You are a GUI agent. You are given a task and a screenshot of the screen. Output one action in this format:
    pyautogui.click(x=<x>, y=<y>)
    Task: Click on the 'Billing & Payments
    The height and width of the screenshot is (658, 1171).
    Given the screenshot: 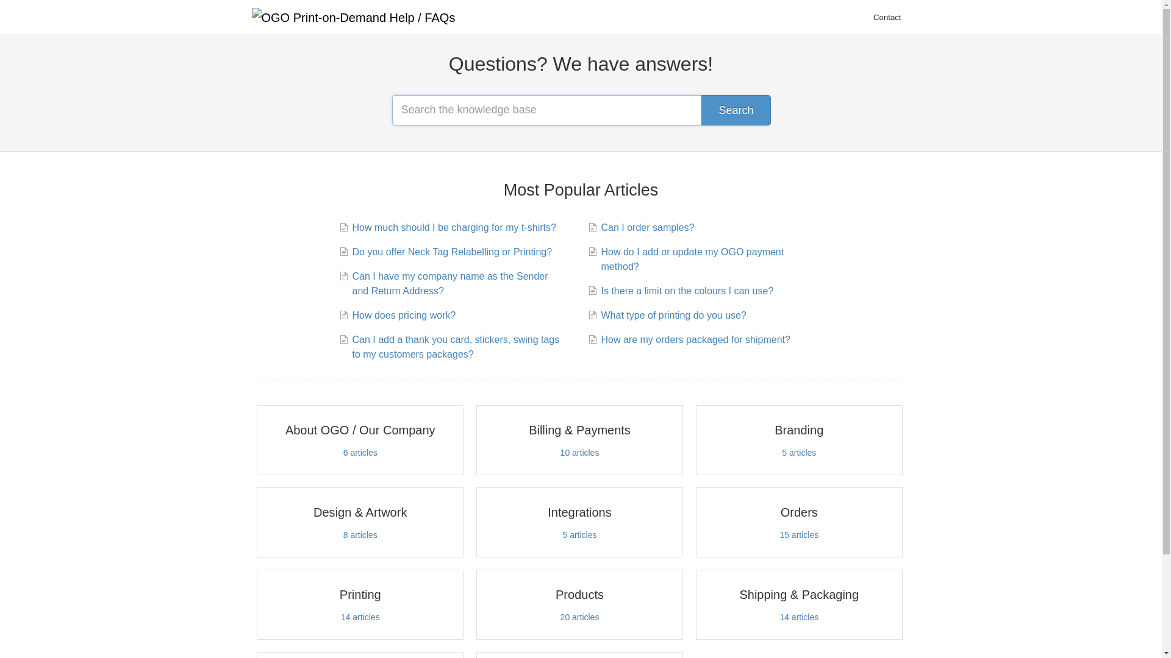 What is the action you would take?
    pyautogui.click(x=579, y=440)
    